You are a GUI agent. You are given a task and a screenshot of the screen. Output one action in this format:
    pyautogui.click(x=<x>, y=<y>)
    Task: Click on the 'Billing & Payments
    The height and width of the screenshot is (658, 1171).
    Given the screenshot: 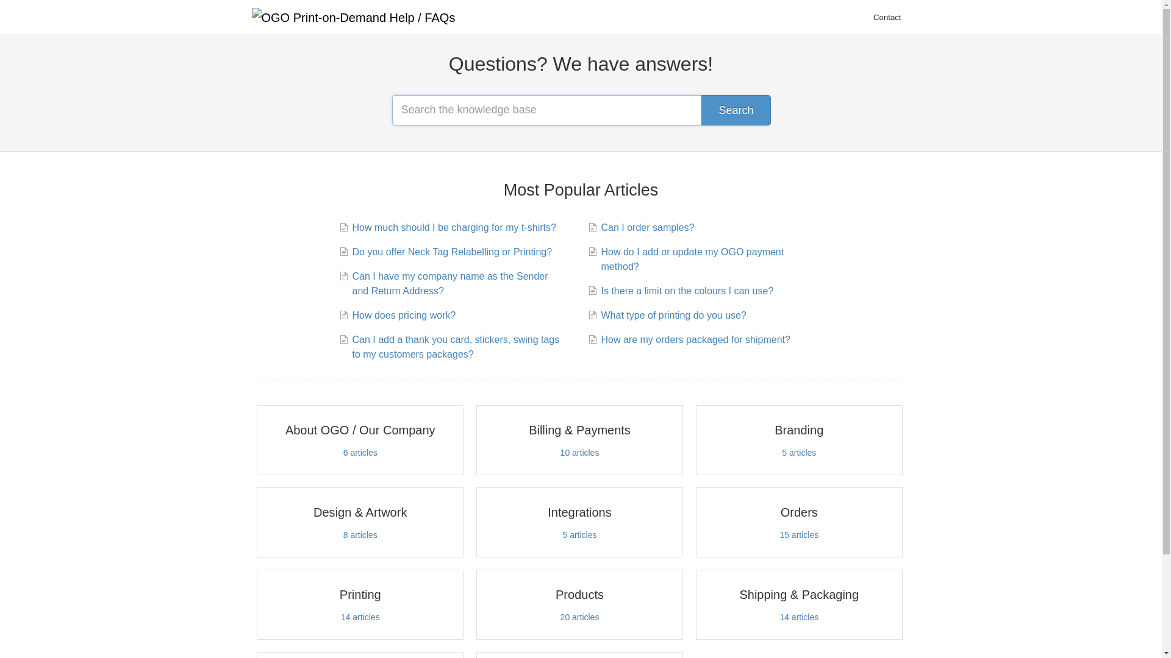 What is the action you would take?
    pyautogui.click(x=579, y=440)
    